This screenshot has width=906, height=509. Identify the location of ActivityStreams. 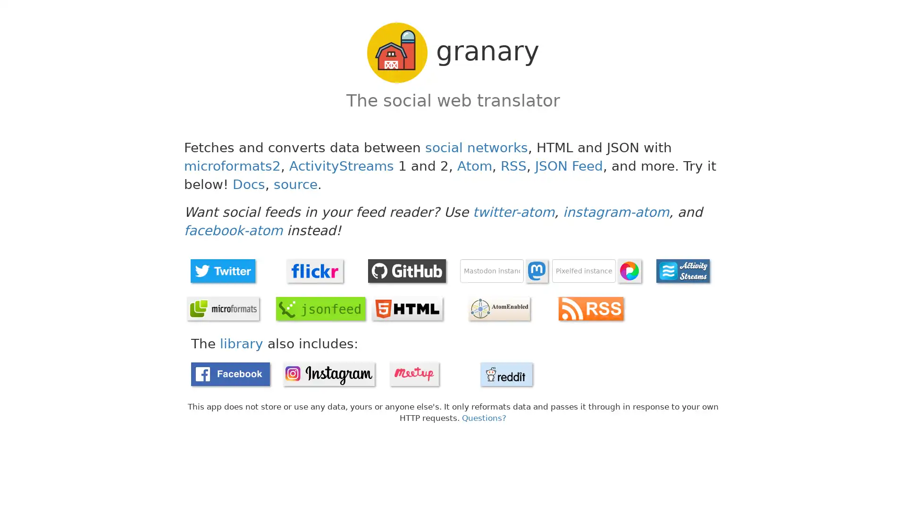
(682, 271).